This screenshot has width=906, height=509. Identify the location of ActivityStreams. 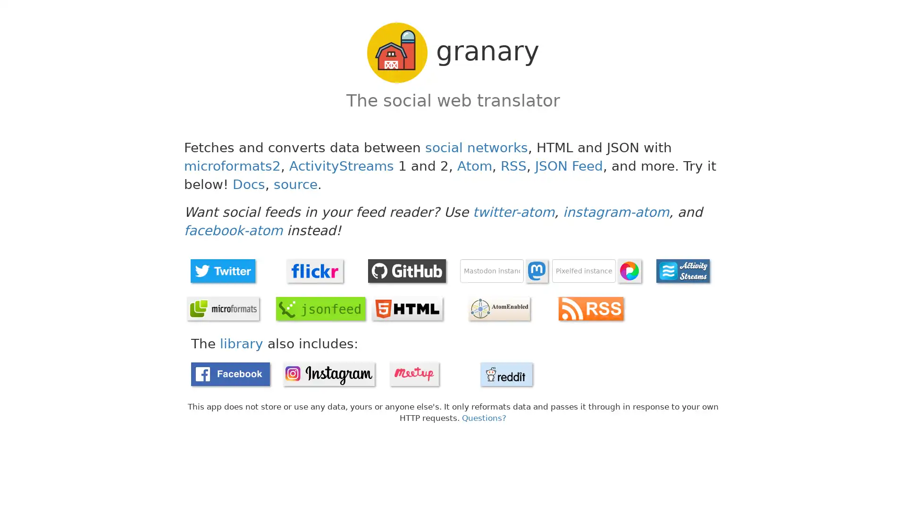
(682, 271).